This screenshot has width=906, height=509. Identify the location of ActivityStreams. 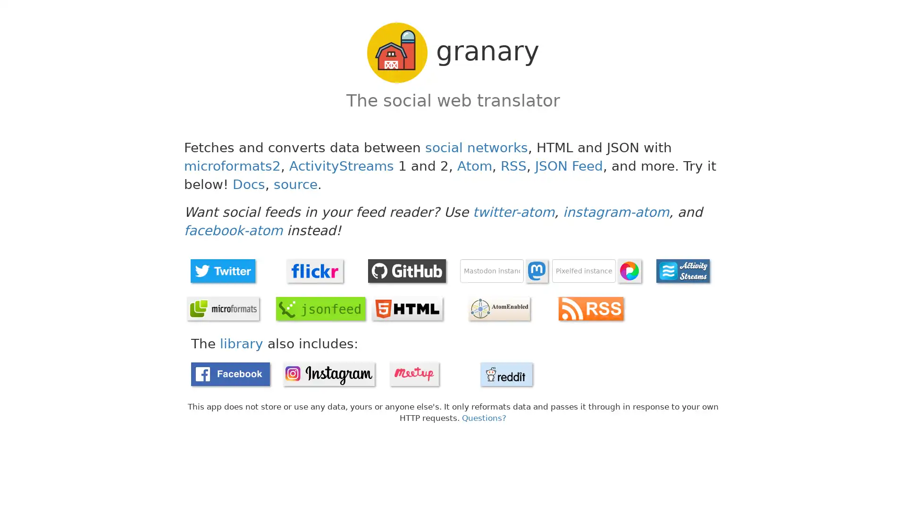
(682, 271).